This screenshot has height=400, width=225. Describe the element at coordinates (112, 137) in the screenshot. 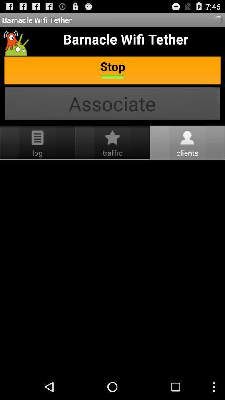

I see `the star icon which is just above the traffic` at that location.